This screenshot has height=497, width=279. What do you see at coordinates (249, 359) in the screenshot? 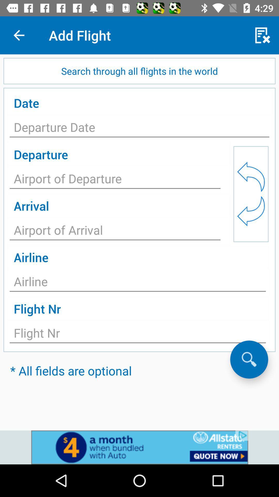
I see `search function` at bounding box center [249, 359].